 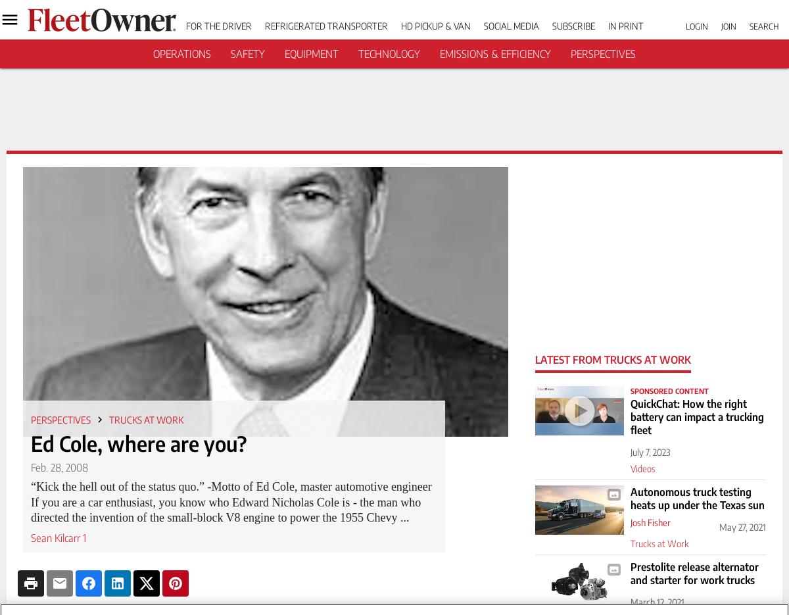 I want to click on 'Prestolite release alternator and starter for work trucks', so click(x=694, y=572).